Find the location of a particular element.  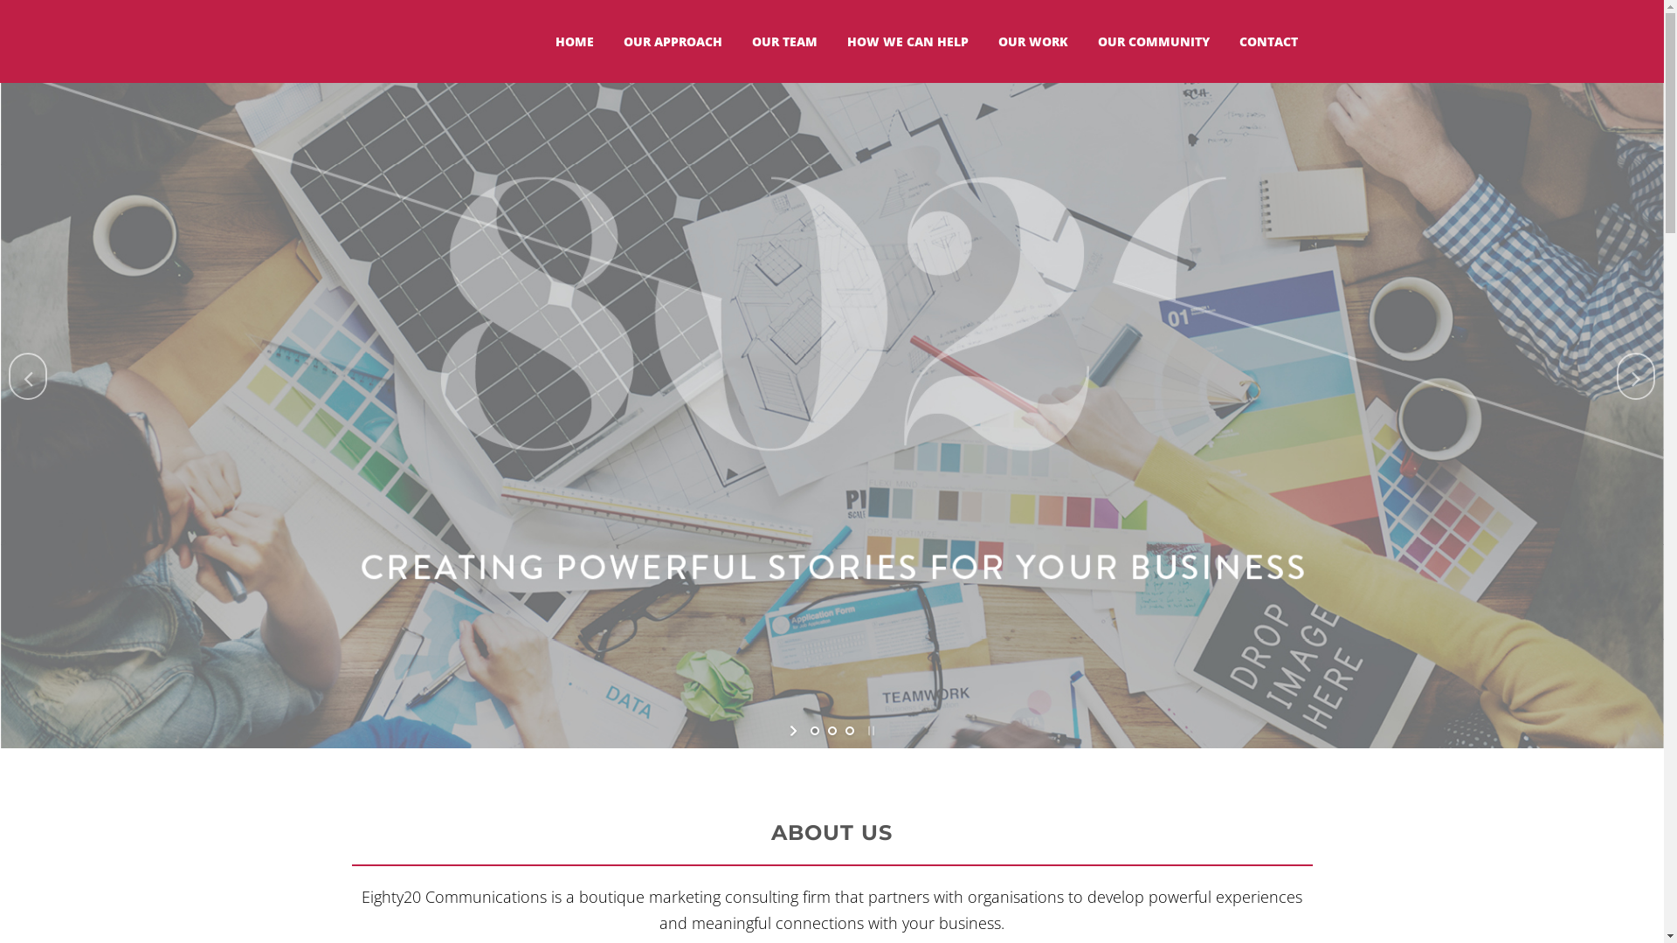

'CONTACT' is located at coordinates (1268, 40).